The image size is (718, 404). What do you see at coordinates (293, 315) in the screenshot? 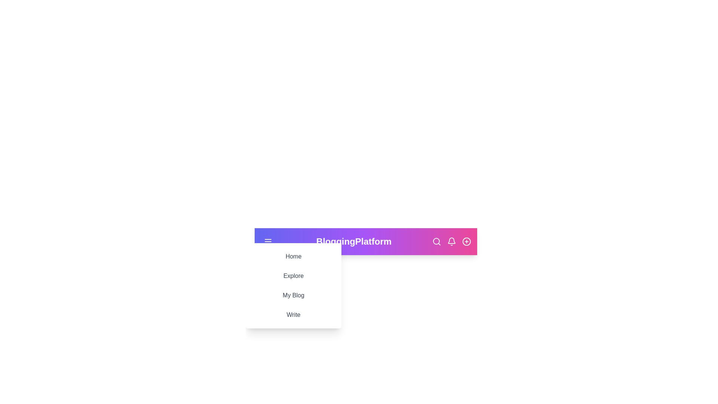
I see `the menu option Write from the sidebar` at bounding box center [293, 315].